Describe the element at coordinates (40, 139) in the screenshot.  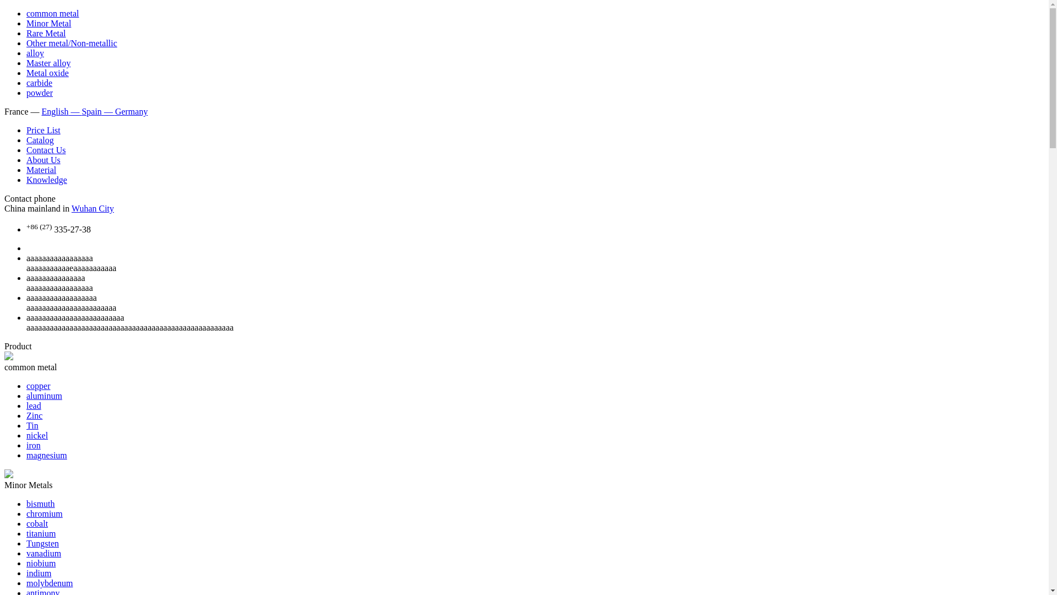
I see `'Catalog'` at that location.